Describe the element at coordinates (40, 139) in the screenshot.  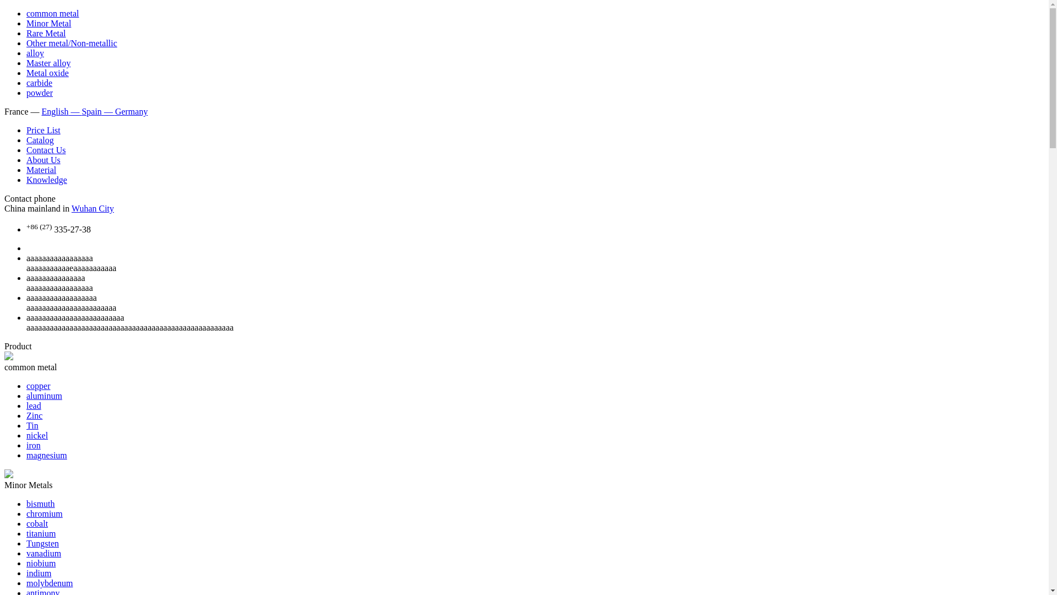
I see `'Catalog'` at that location.